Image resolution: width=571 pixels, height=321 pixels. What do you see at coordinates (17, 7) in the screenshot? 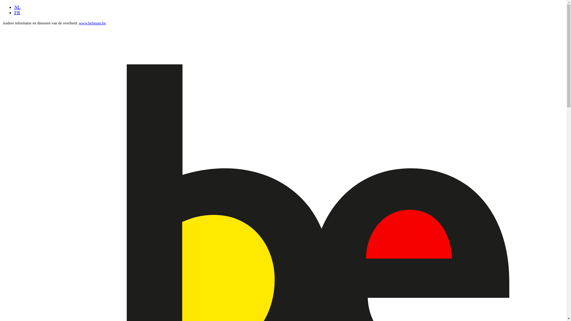
I see `'NL'` at bounding box center [17, 7].